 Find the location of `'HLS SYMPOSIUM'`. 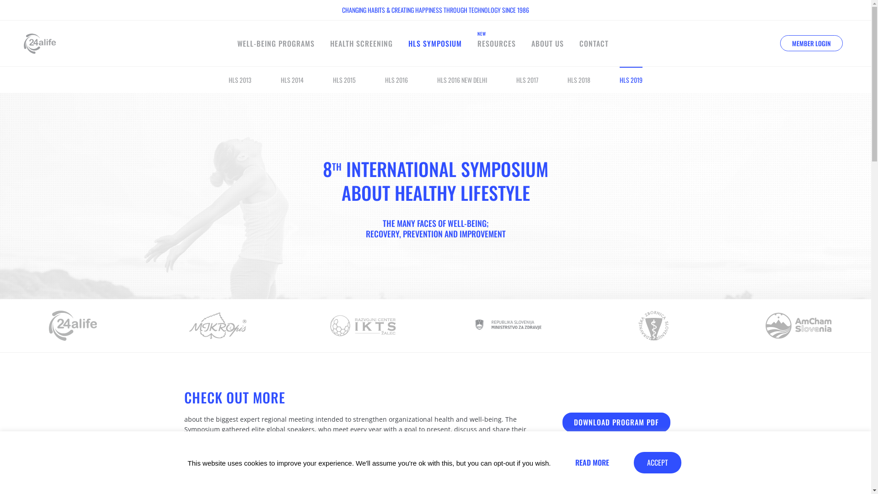

'HLS SYMPOSIUM' is located at coordinates (434, 43).